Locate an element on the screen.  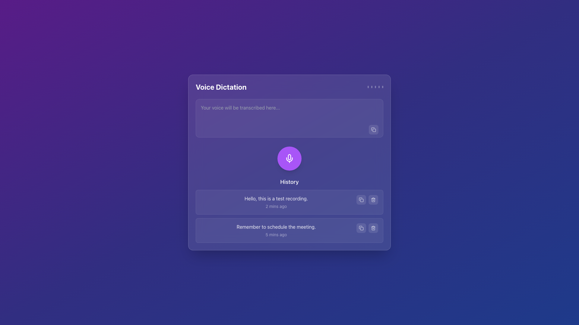
the first interactive button from the left in the horizontal row of controls at the bottom right corner of the card displaying 'Remember to schedule the meeting.' is located at coordinates (361, 228).